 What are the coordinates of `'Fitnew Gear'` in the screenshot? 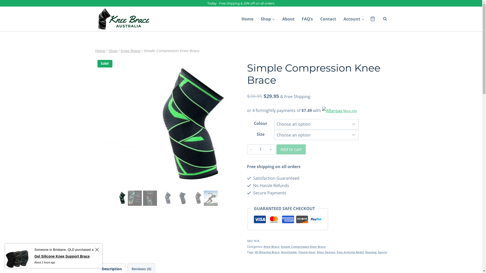 It's located at (298, 252).